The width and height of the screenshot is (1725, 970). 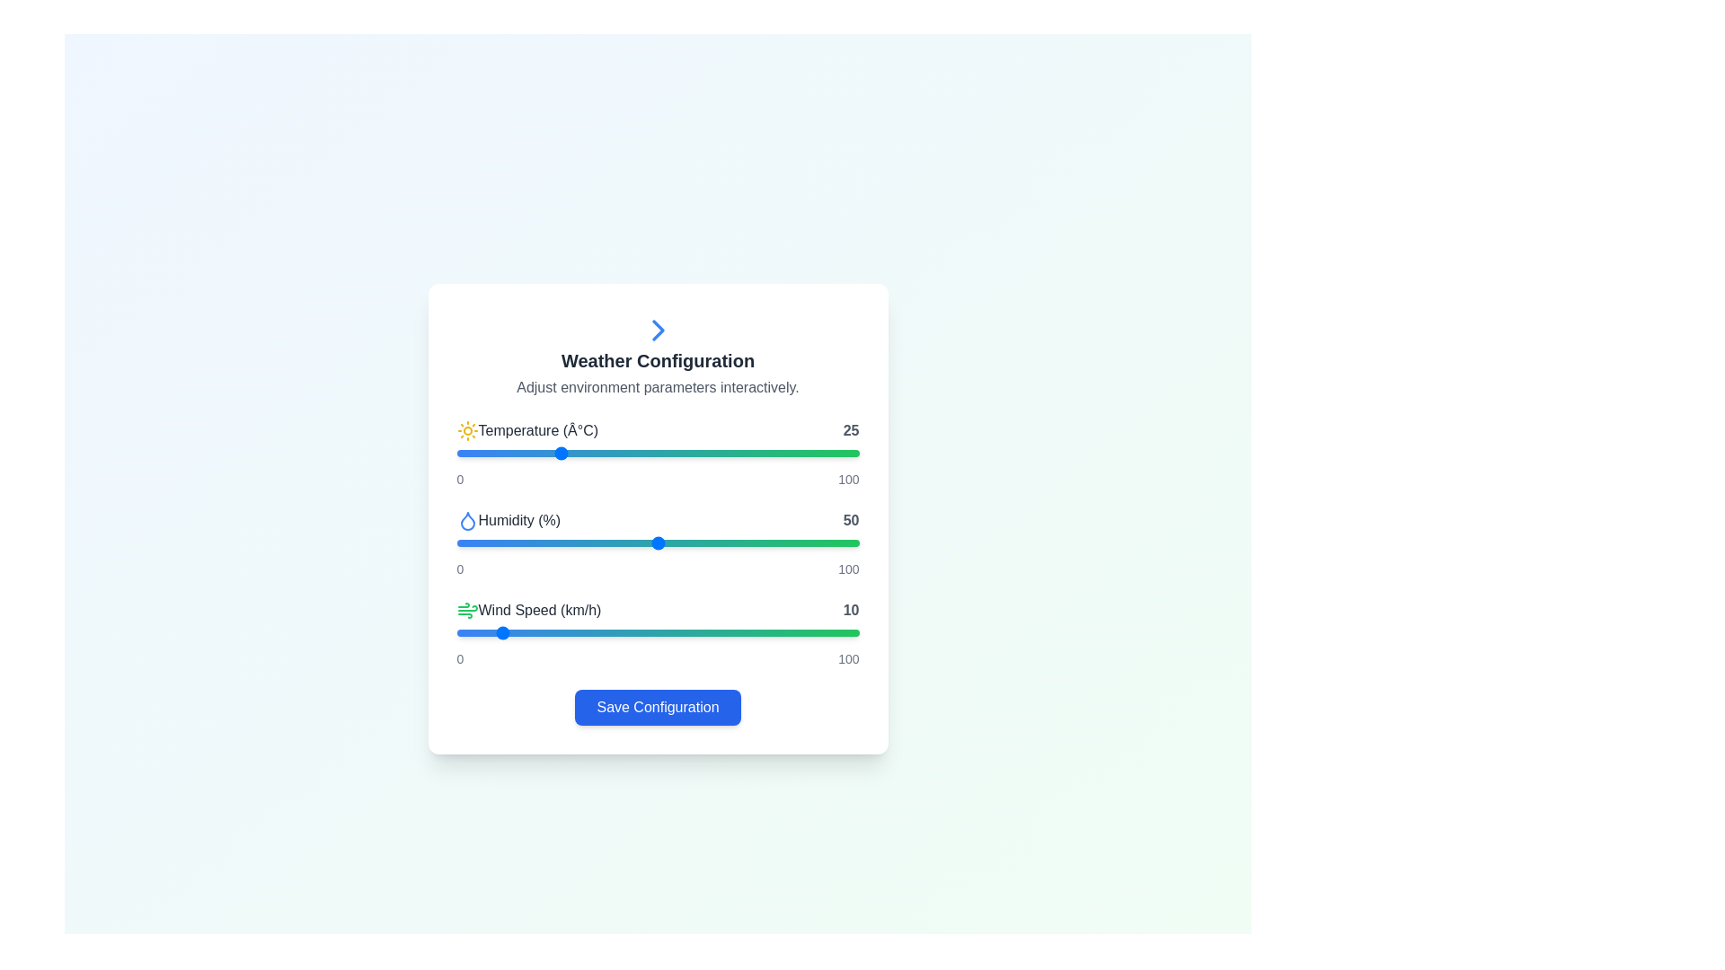 What do you see at coordinates (763, 453) in the screenshot?
I see `temperature` at bounding box center [763, 453].